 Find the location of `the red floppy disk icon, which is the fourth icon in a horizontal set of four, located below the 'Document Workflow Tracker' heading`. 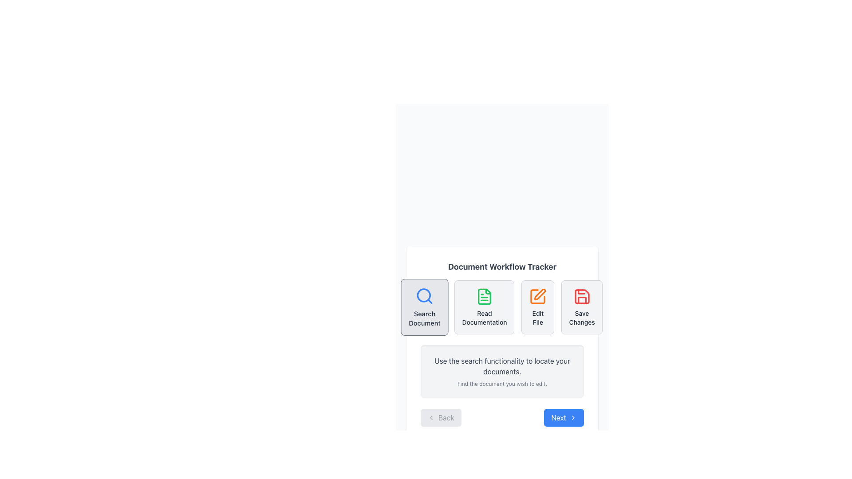

the red floppy disk icon, which is the fourth icon in a horizontal set of four, located below the 'Document Workflow Tracker' heading is located at coordinates (582, 296).